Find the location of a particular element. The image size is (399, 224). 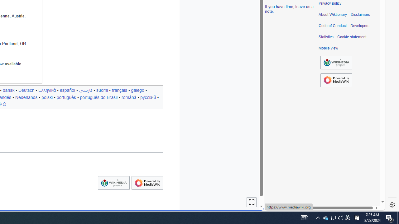

'polski' is located at coordinates (47, 97).